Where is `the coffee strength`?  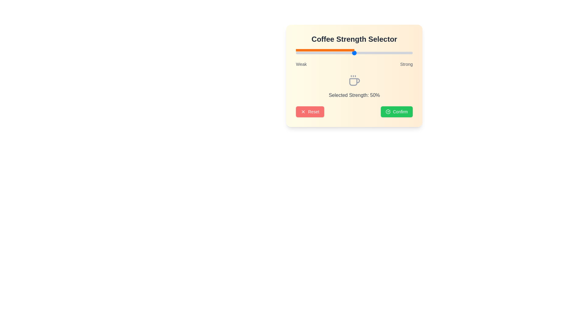
the coffee strength is located at coordinates (410, 52).